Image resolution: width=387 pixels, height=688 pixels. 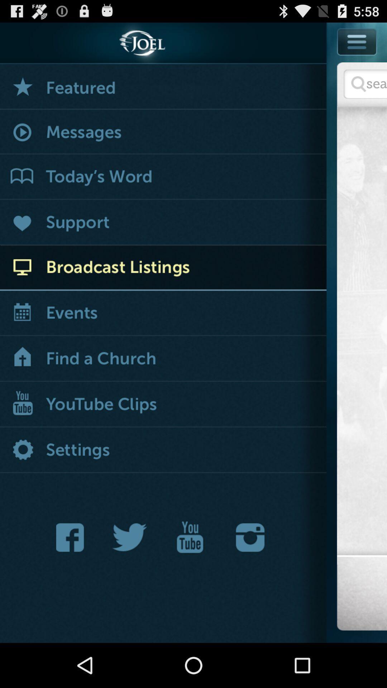 What do you see at coordinates (357, 58) in the screenshot?
I see `open option menu` at bounding box center [357, 58].